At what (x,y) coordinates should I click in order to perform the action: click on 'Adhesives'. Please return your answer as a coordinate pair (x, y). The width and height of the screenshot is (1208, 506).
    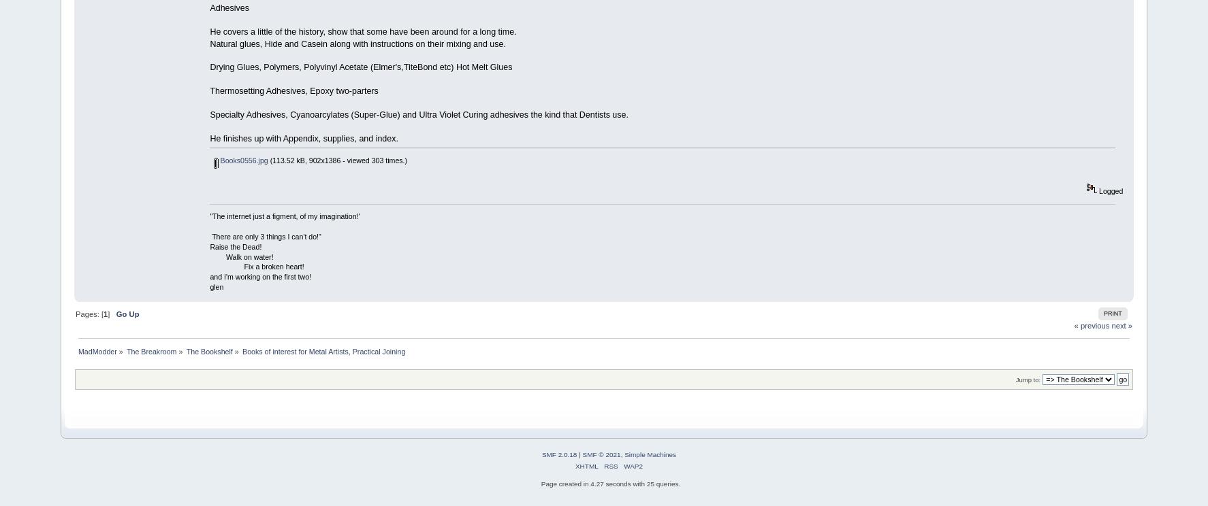
    Looking at the image, I should click on (229, 7).